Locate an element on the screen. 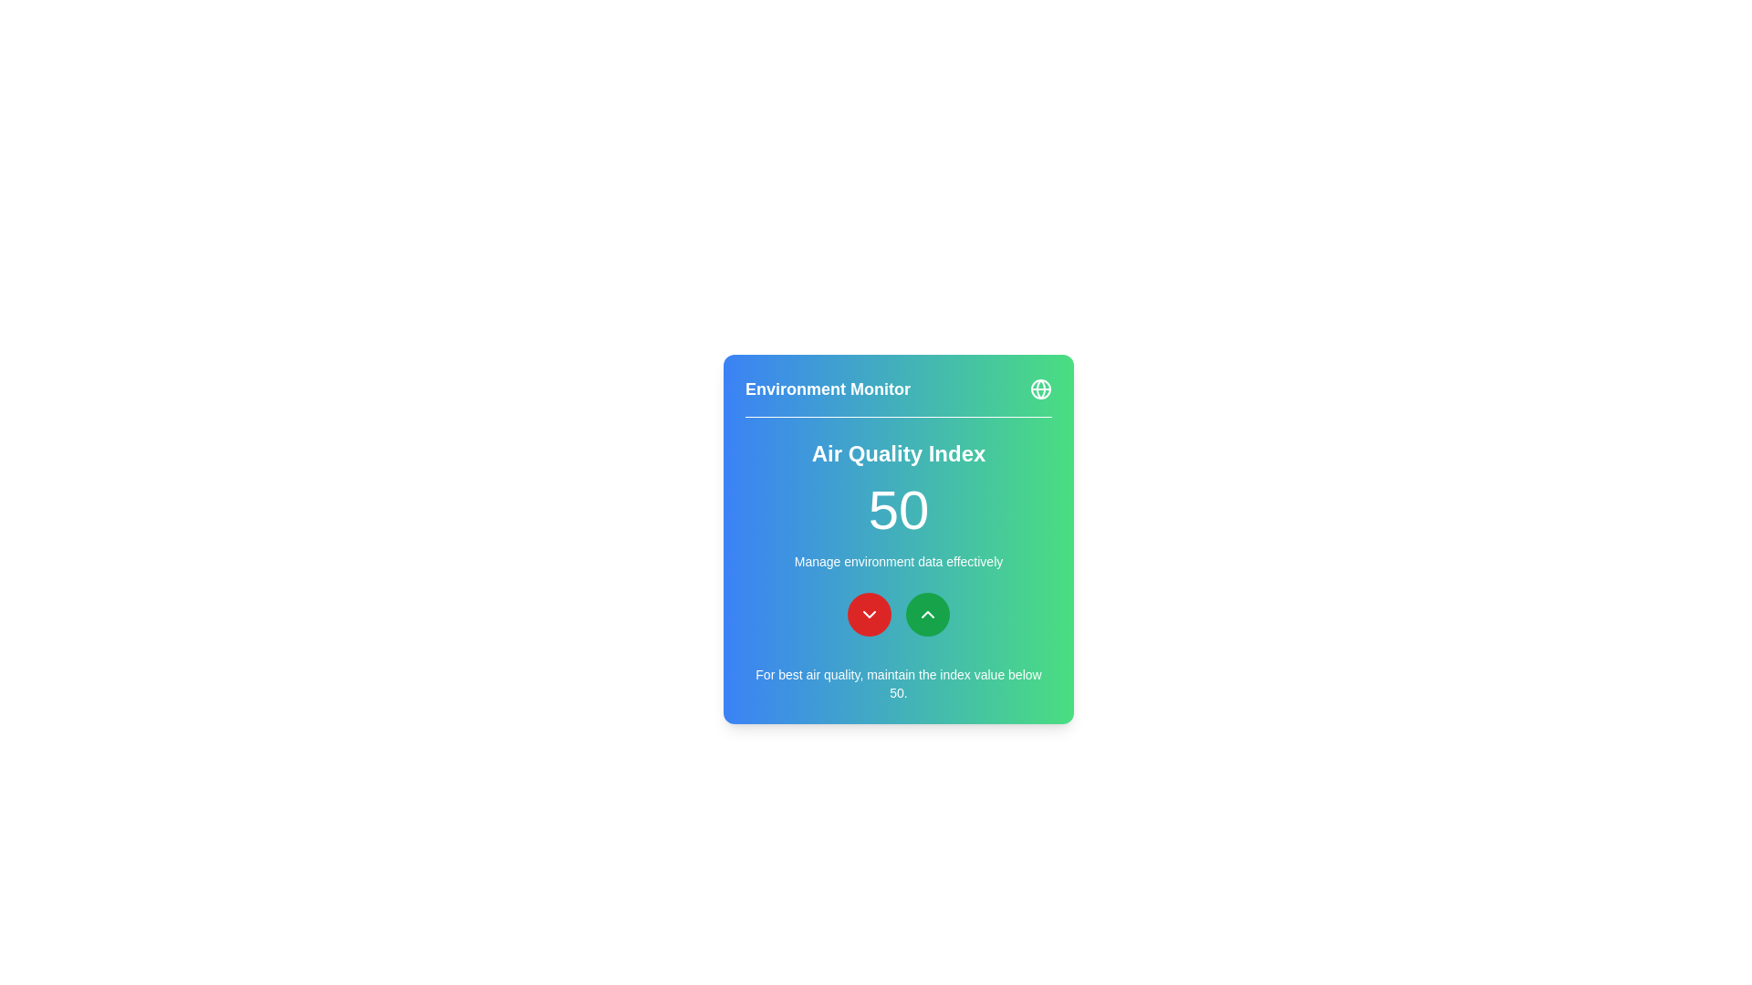 The height and width of the screenshot is (985, 1752). the circular element within the SVG globe icon located in the top-right corner of the interface is located at coordinates (1041, 389).